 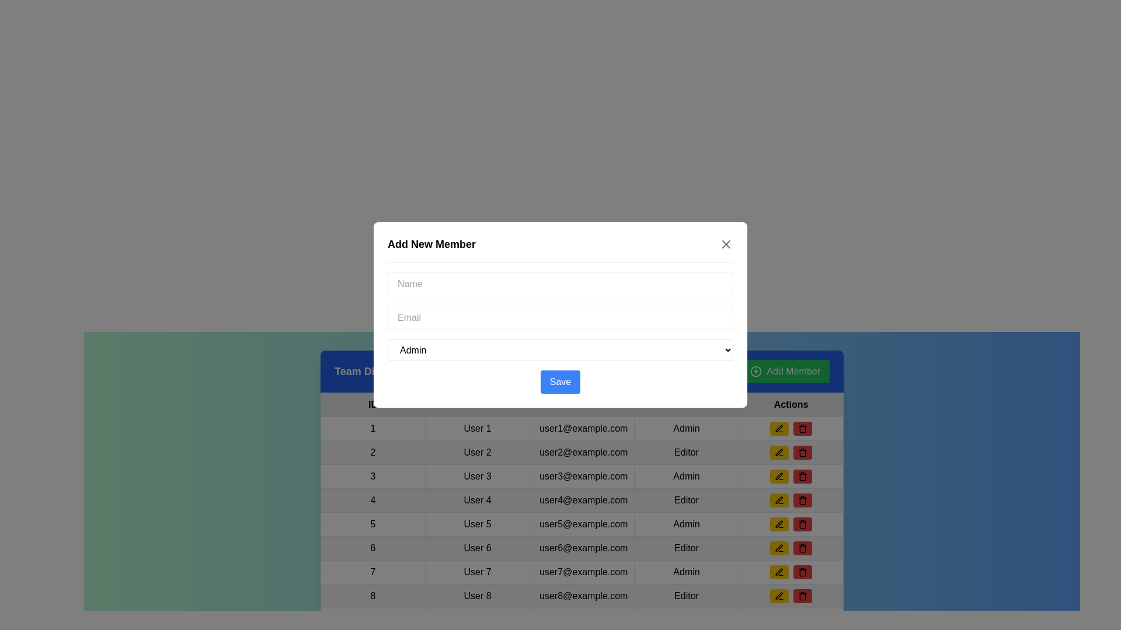 I want to click on the table cell that indicates the serial number or ID in the first row and first column of the table, so click(x=372, y=429).